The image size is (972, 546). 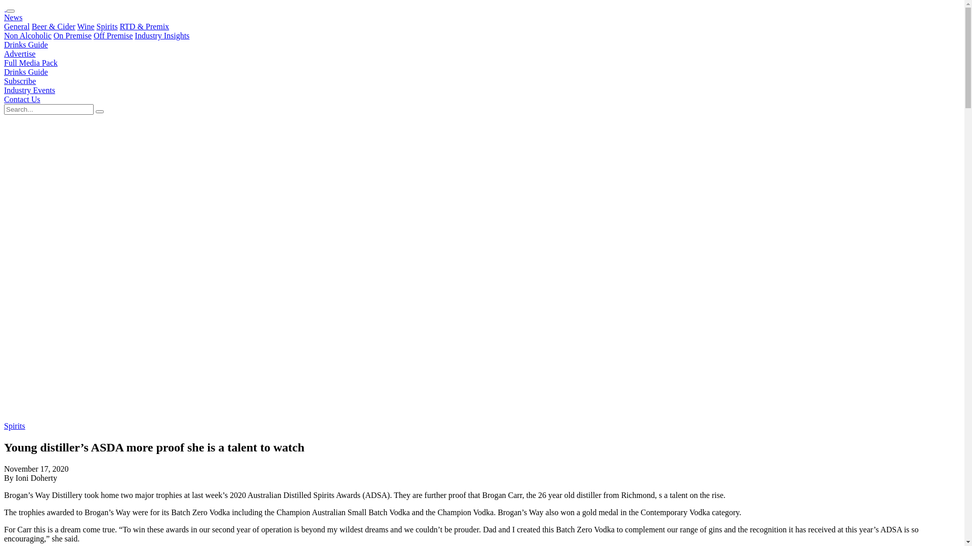 What do you see at coordinates (26, 44) in the screenshot?
I see `'Drinks Guide'` at bounding box center [26, 44].